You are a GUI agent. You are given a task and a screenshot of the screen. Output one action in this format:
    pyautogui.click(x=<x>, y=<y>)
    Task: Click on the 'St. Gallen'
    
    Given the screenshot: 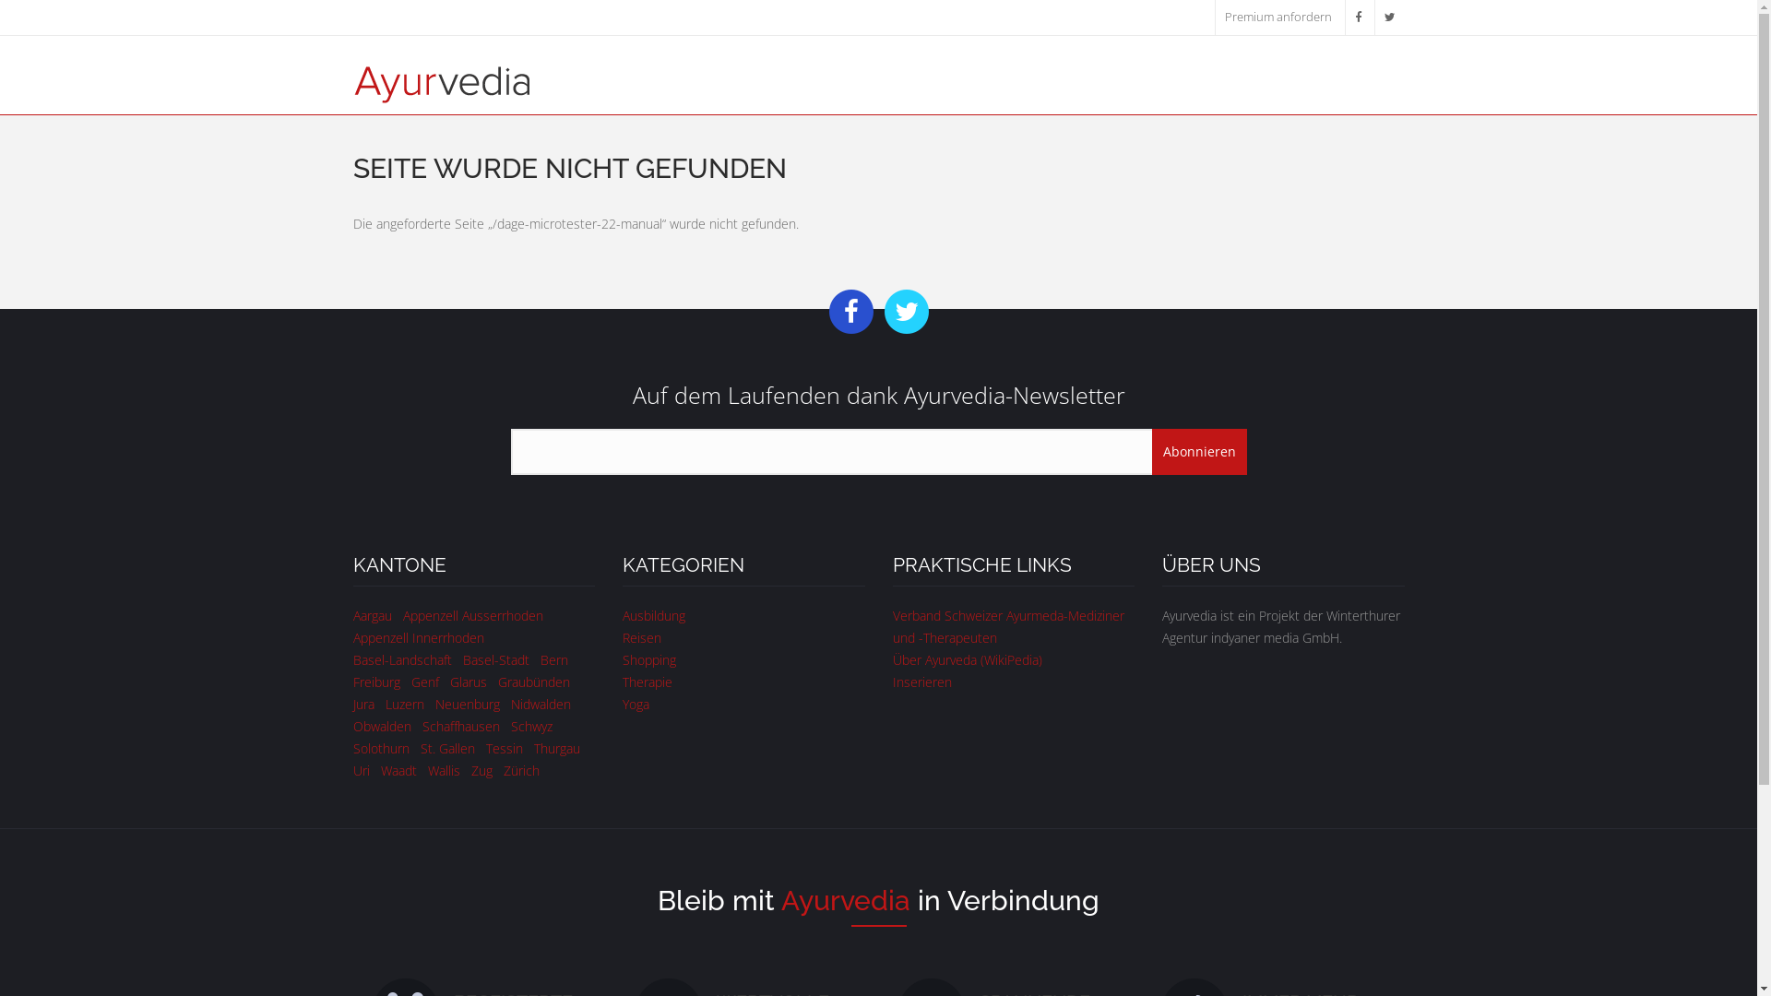 What is the action you would take?
    pyautogui.click(x=447, y=748)
    